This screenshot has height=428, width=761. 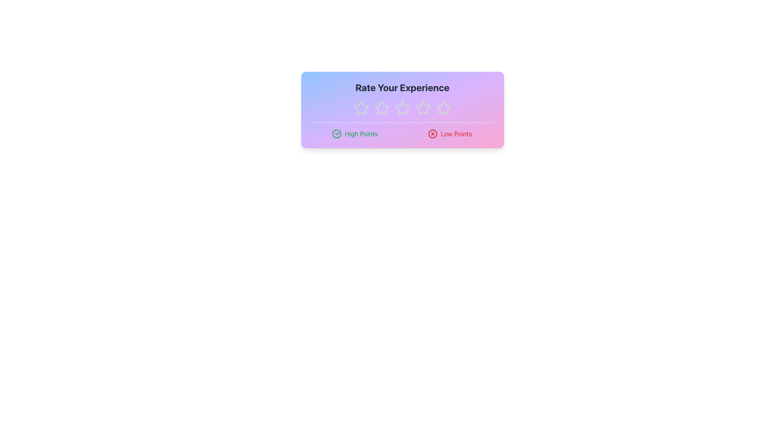 What do you see at coordinates (450, 134) in the screenshot?
I see `the 'Low Points' label, which is styled in red and indicates a negative aspect, located on the right side of the layout beneath the star icons` at bounding box center [450, 134].